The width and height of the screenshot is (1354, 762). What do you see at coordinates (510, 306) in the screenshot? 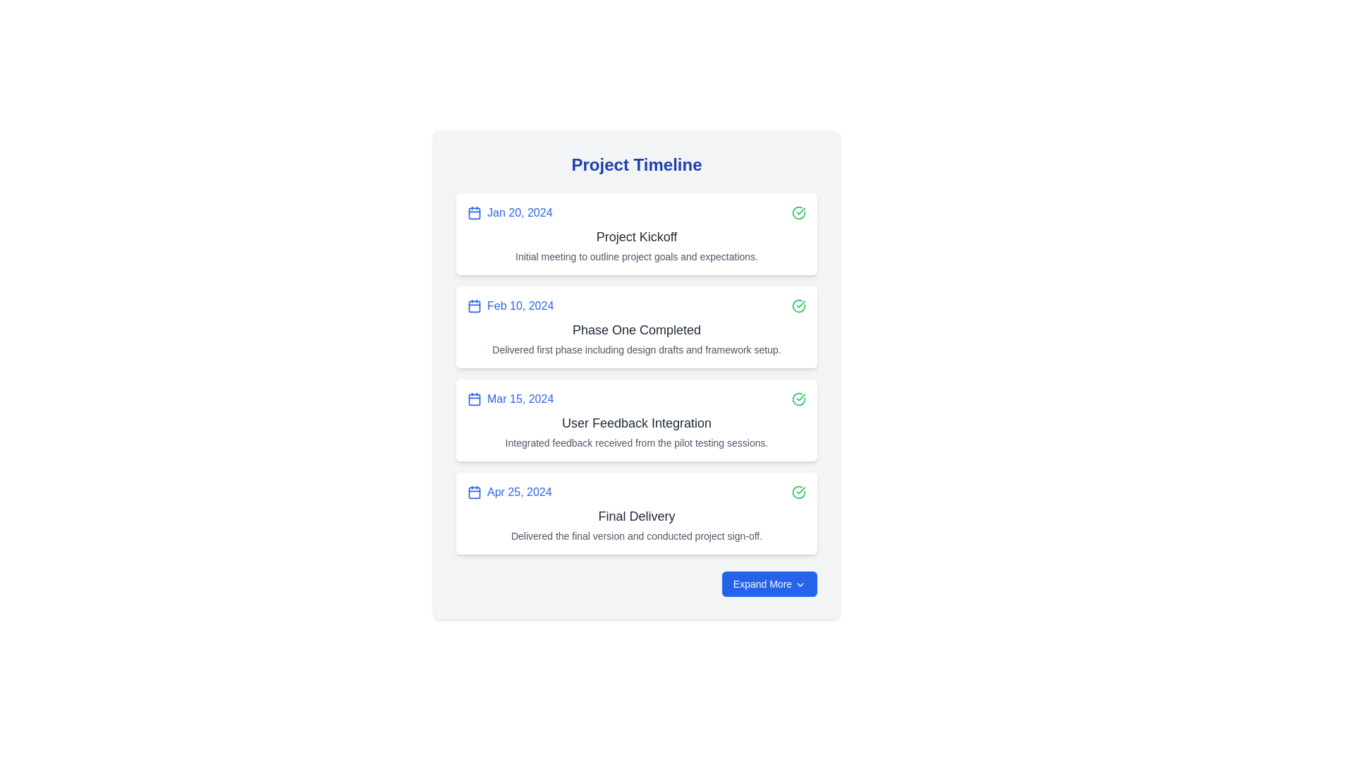
I see `the Date label with icon that indicates a date associated with a specific timeline event, located between 'Jan 20, 2024' and 'Mar 15, 2024'` at bounding box center [510, 306].